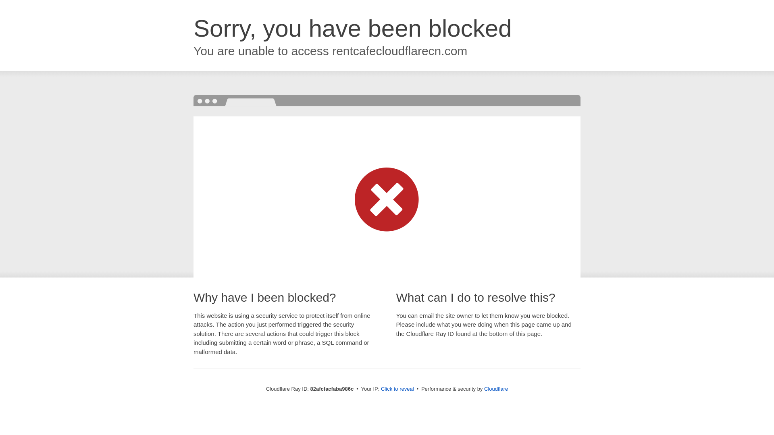  Describe the element at coordinates (381, 388) in the screenshot. I see `'Click to reveal'` at that location.